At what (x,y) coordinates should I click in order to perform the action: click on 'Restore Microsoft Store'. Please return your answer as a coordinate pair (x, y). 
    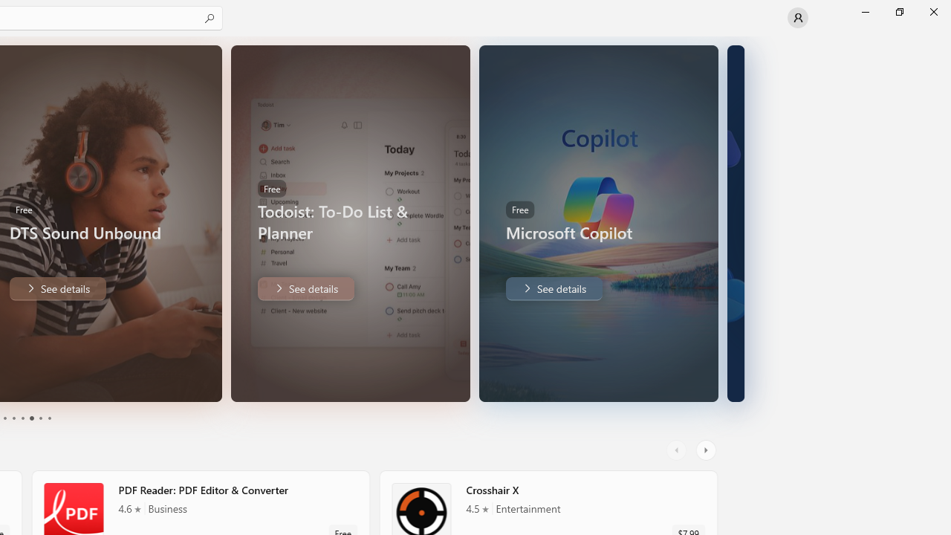
    Looking at the image, I should click on (898, 11).